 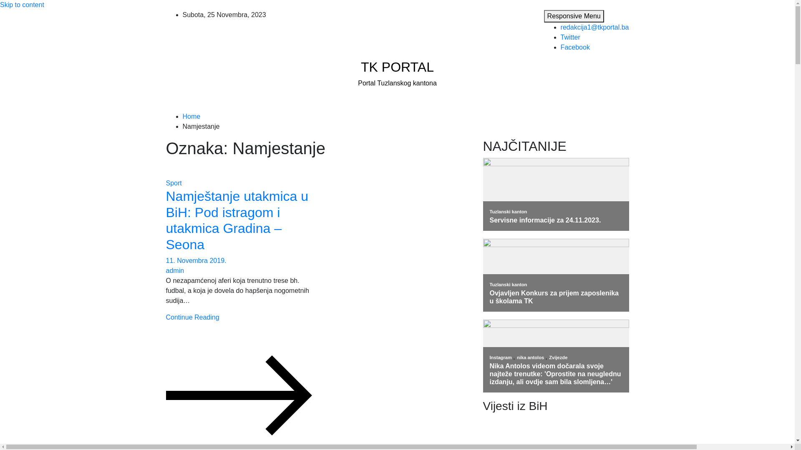 I want to click on 'Home', so click(x=191, y=116).